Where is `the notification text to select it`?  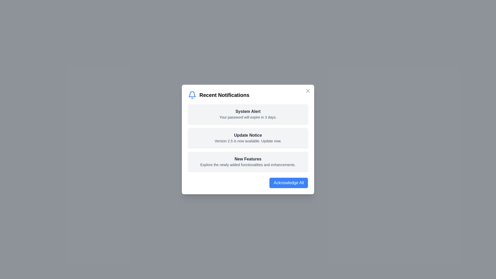
the notification text to select it is located at coordinates (248, 114).